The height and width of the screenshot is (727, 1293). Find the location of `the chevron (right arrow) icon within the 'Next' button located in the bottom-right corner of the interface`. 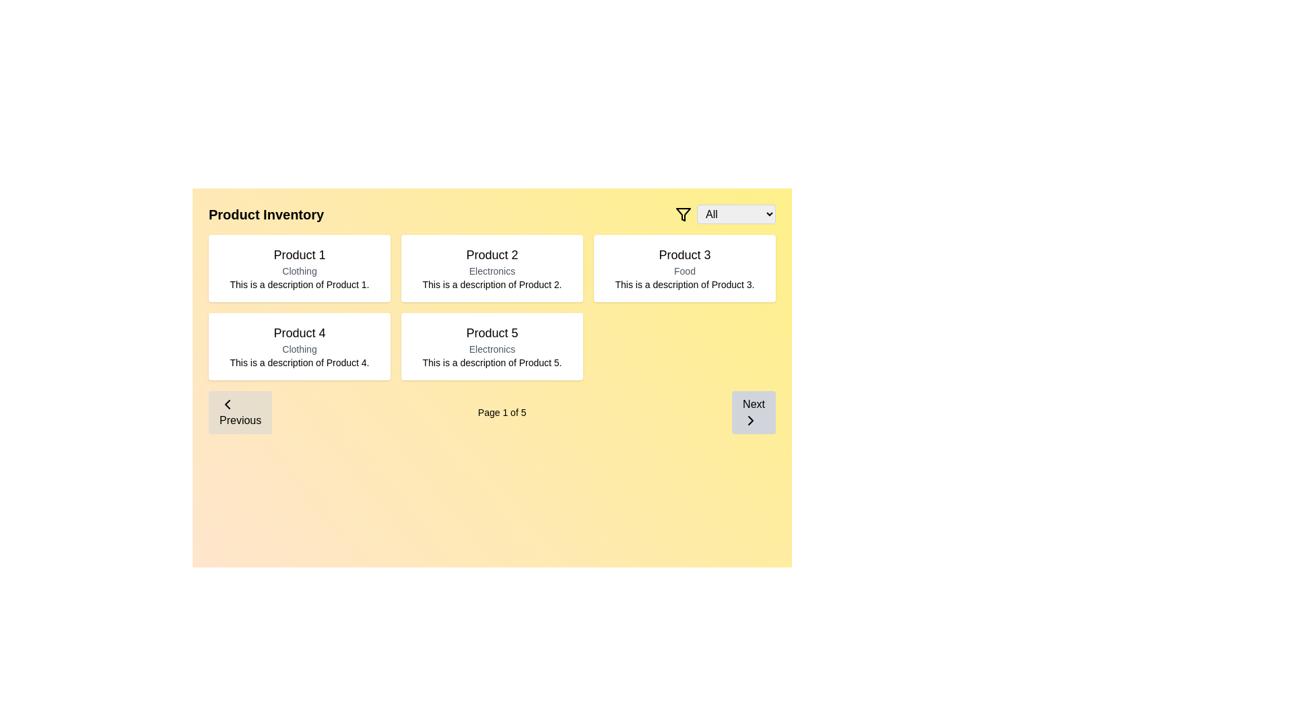

the chevron (right arrow) icon within the 'Next' button located in the bottom-right corner of the interface is located at coordinates (750, 419).